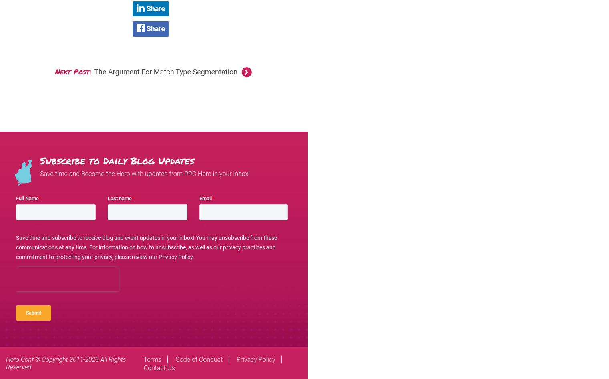  What do you see at coordinates (199, 359) in the screenshot?
I see `'Code of Conduct'` at bounding box center [199, 359].